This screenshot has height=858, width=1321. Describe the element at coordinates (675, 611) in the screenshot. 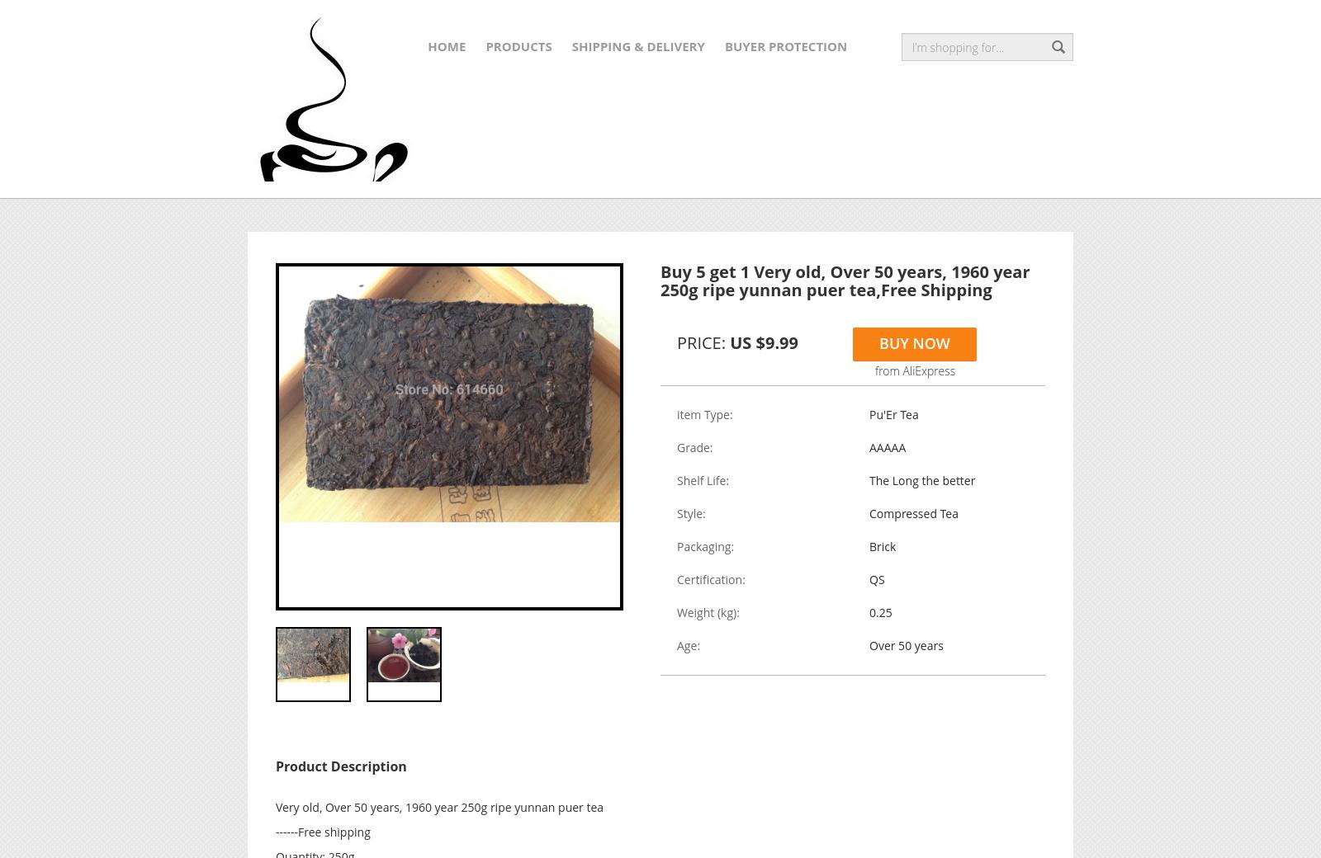

I see `'Weight (kg):'` at that location.